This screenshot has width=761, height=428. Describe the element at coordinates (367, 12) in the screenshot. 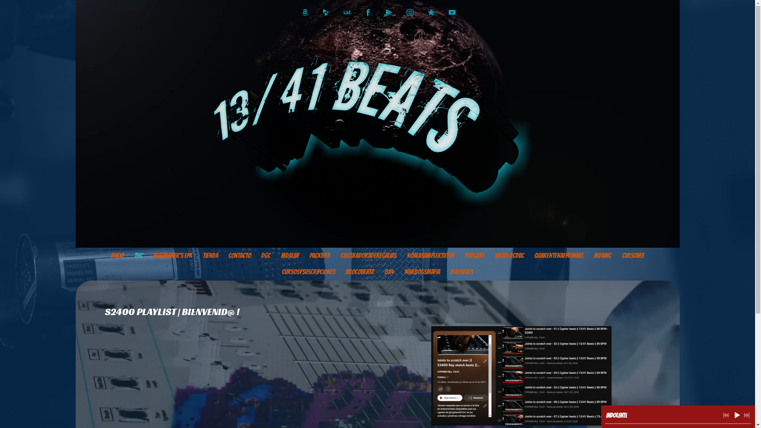

I see `'https://www.facebook.com/Kabster1341'` at that location.